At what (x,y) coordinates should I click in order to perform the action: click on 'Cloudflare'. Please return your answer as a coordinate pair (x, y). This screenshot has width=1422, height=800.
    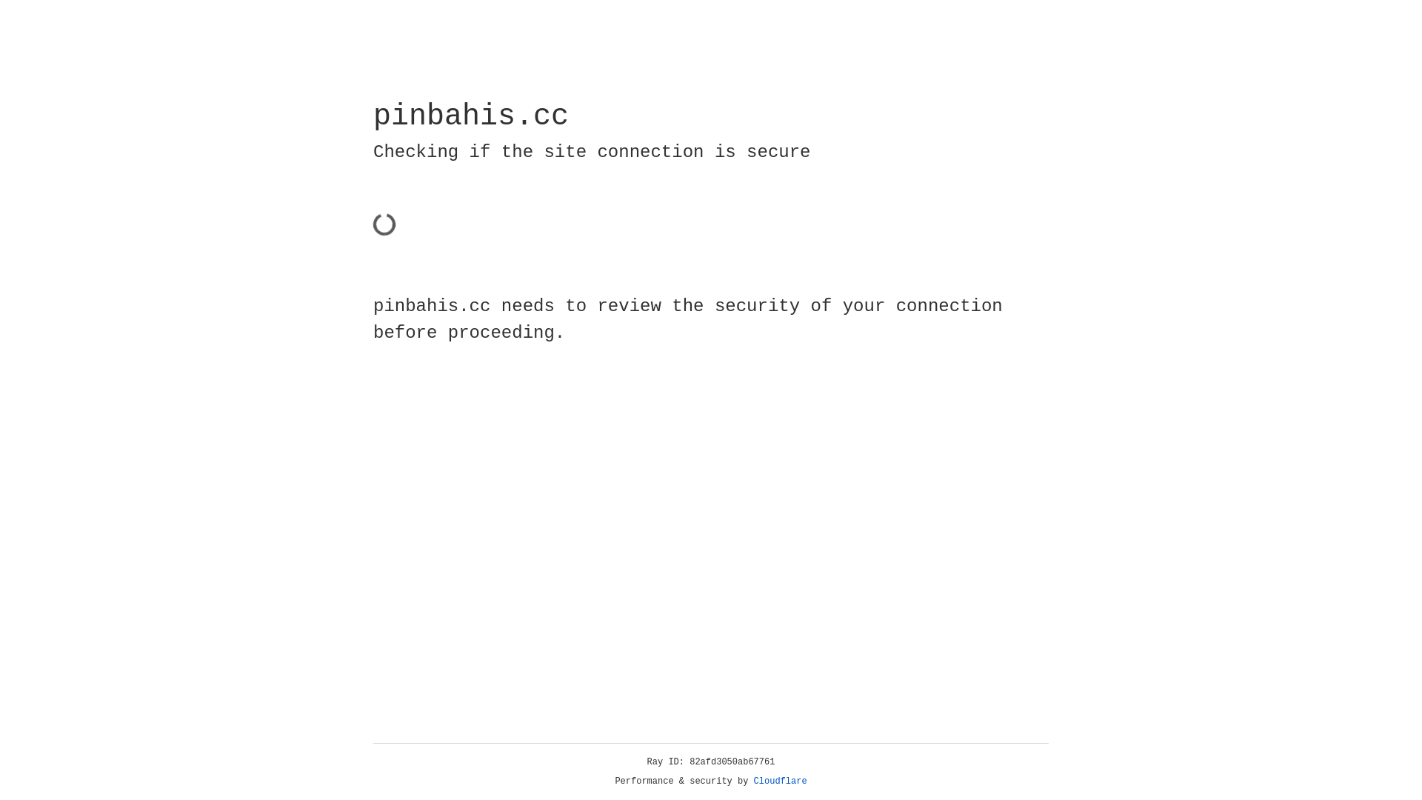
    Looking at the image, I should click on (780, 781).